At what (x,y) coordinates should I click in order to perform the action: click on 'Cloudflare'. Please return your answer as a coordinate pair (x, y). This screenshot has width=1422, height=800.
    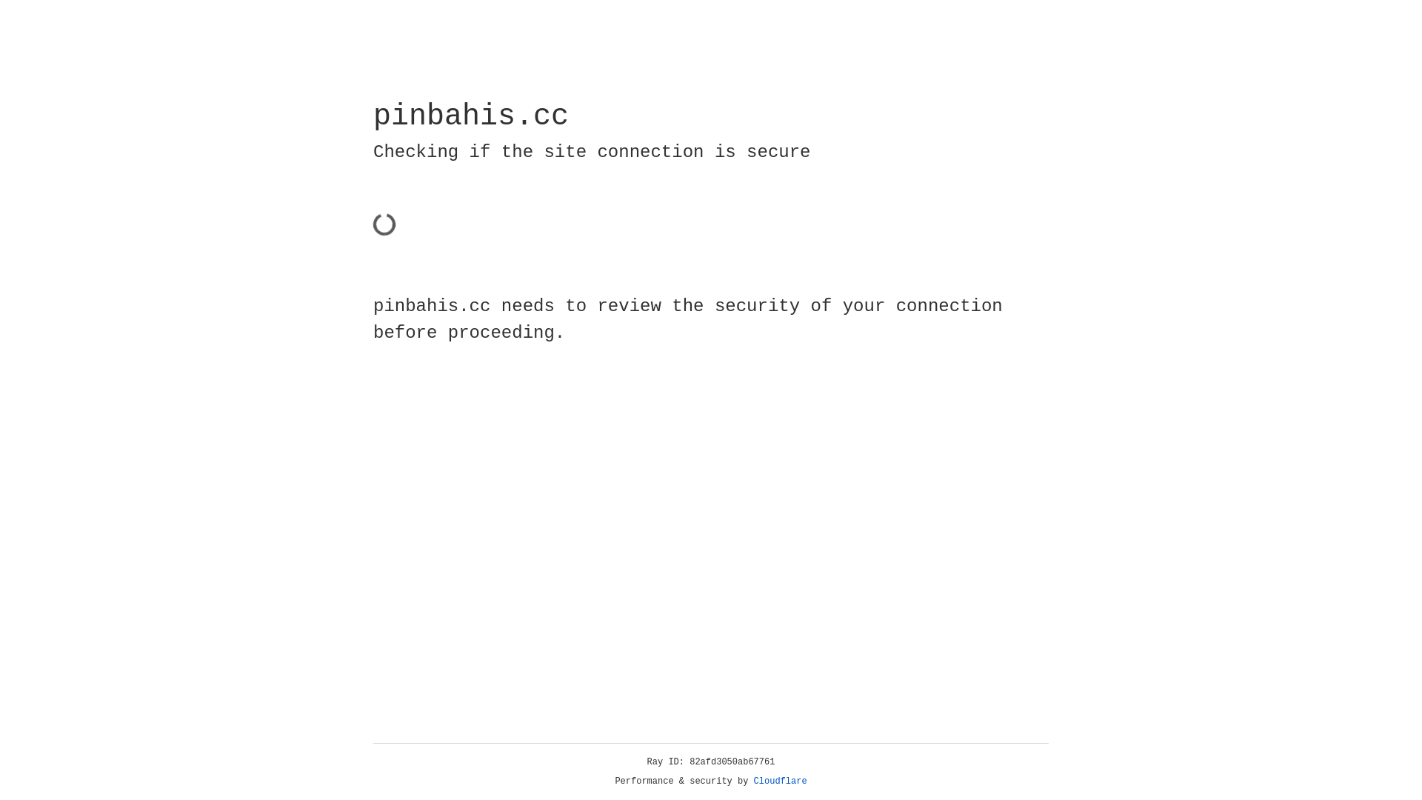
    Looking at the image, I should click on (780, 781).